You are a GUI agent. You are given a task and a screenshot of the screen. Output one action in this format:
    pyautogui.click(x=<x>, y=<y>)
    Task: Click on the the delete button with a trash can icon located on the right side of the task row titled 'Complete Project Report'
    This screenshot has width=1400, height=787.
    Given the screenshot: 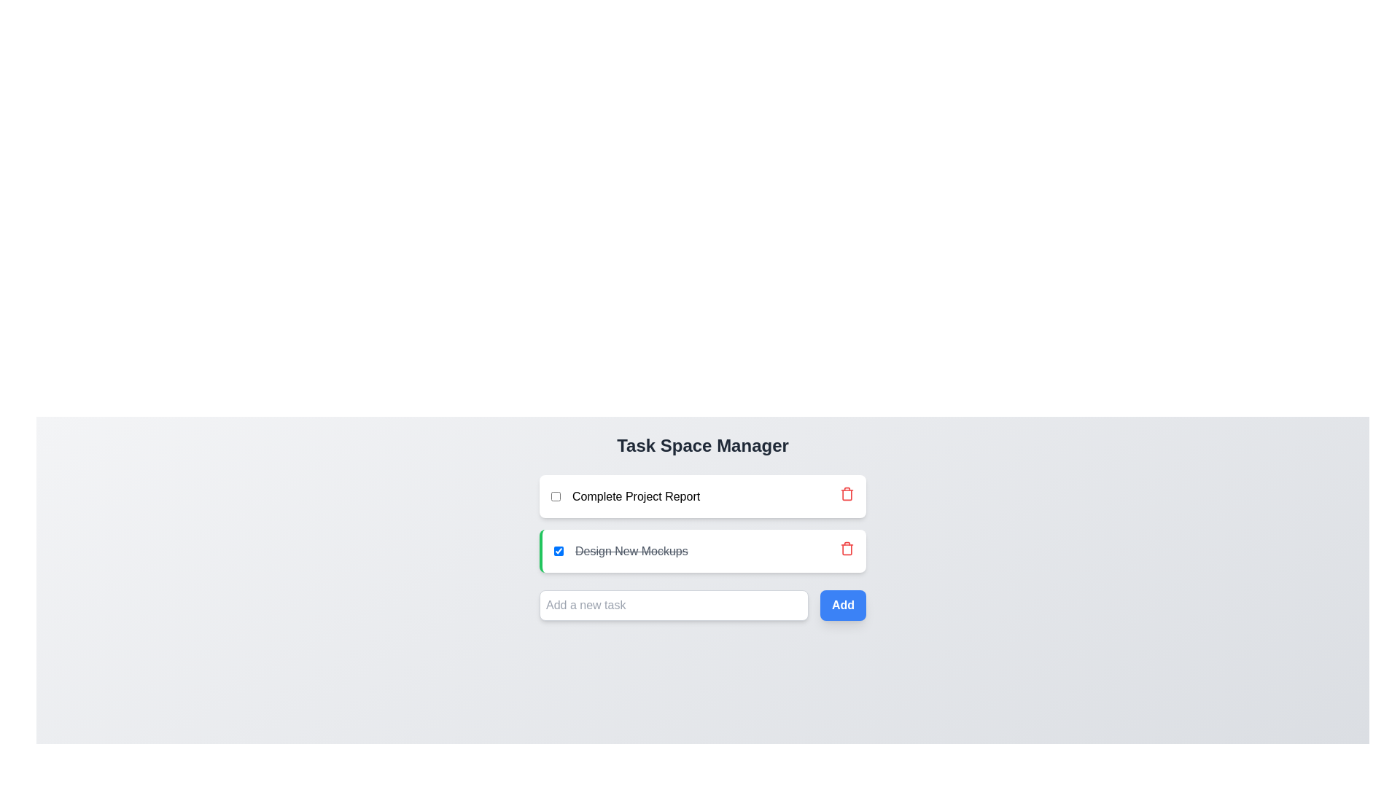 What is the action you would take?
    pyautogui.click(x=847, y=496)
    